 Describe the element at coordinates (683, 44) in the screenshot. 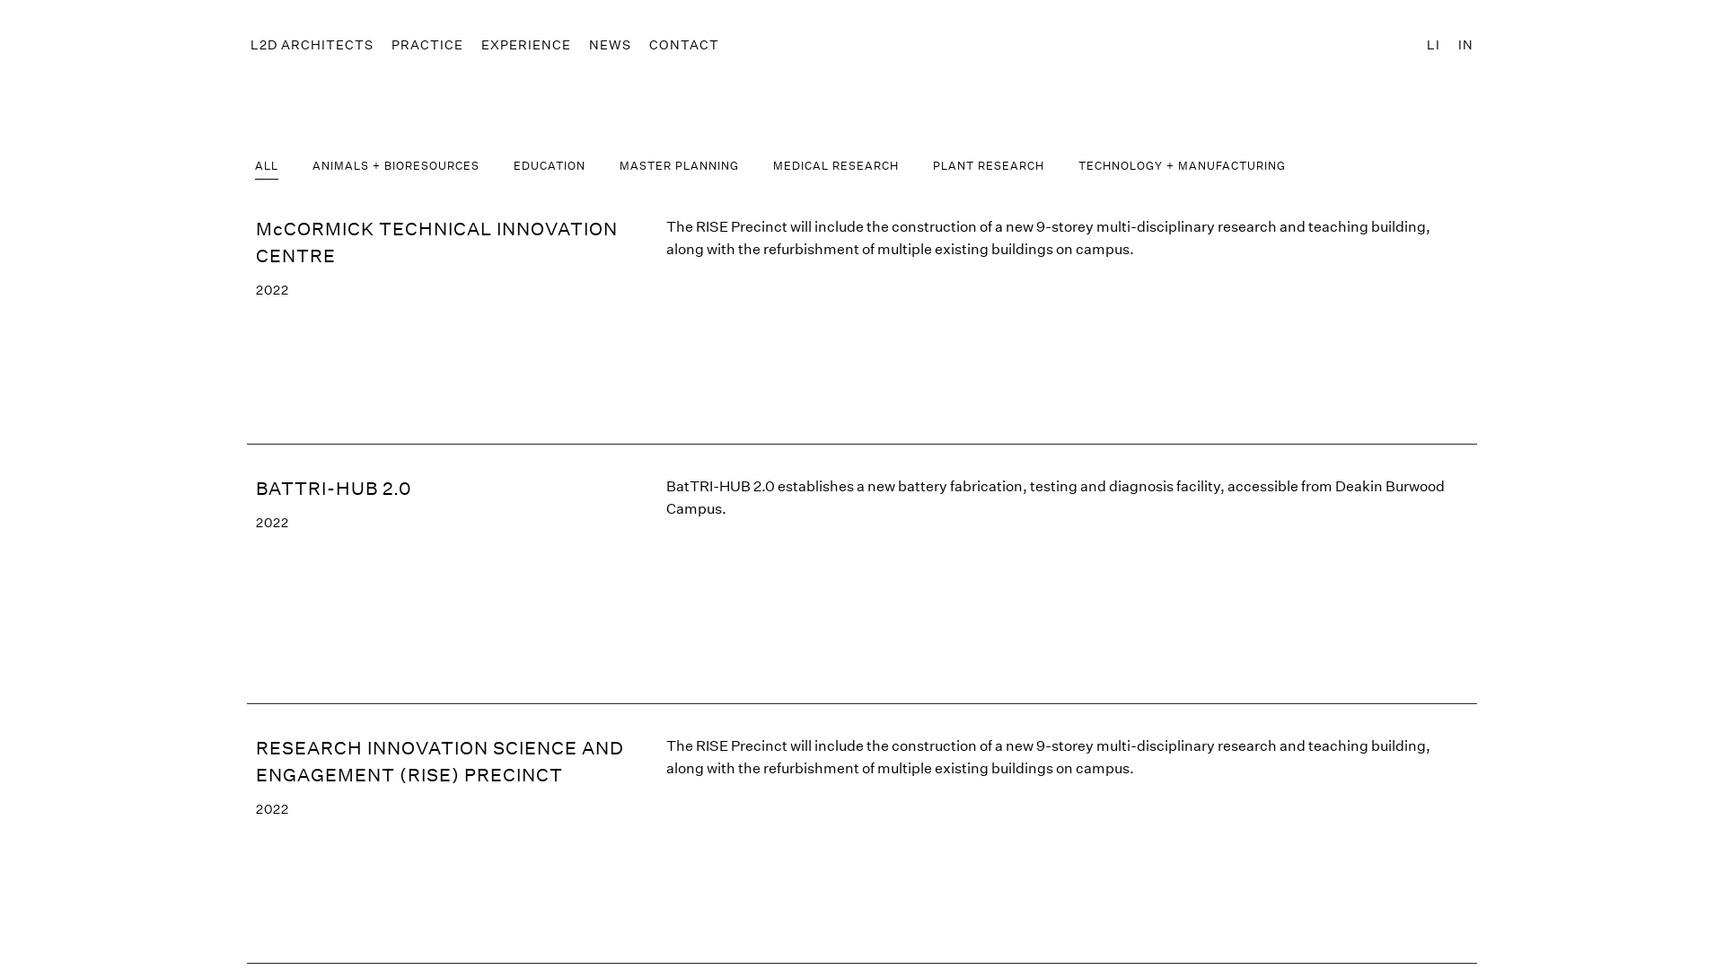

I see `'CONTACT'` at that location.